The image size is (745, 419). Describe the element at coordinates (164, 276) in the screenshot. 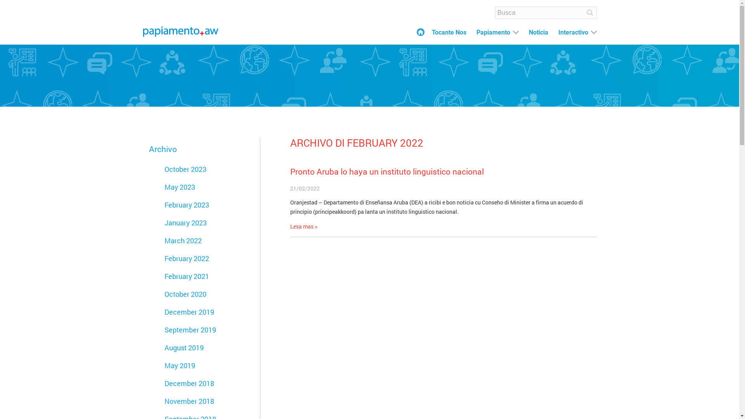

I see `'February 2021'` at that location.